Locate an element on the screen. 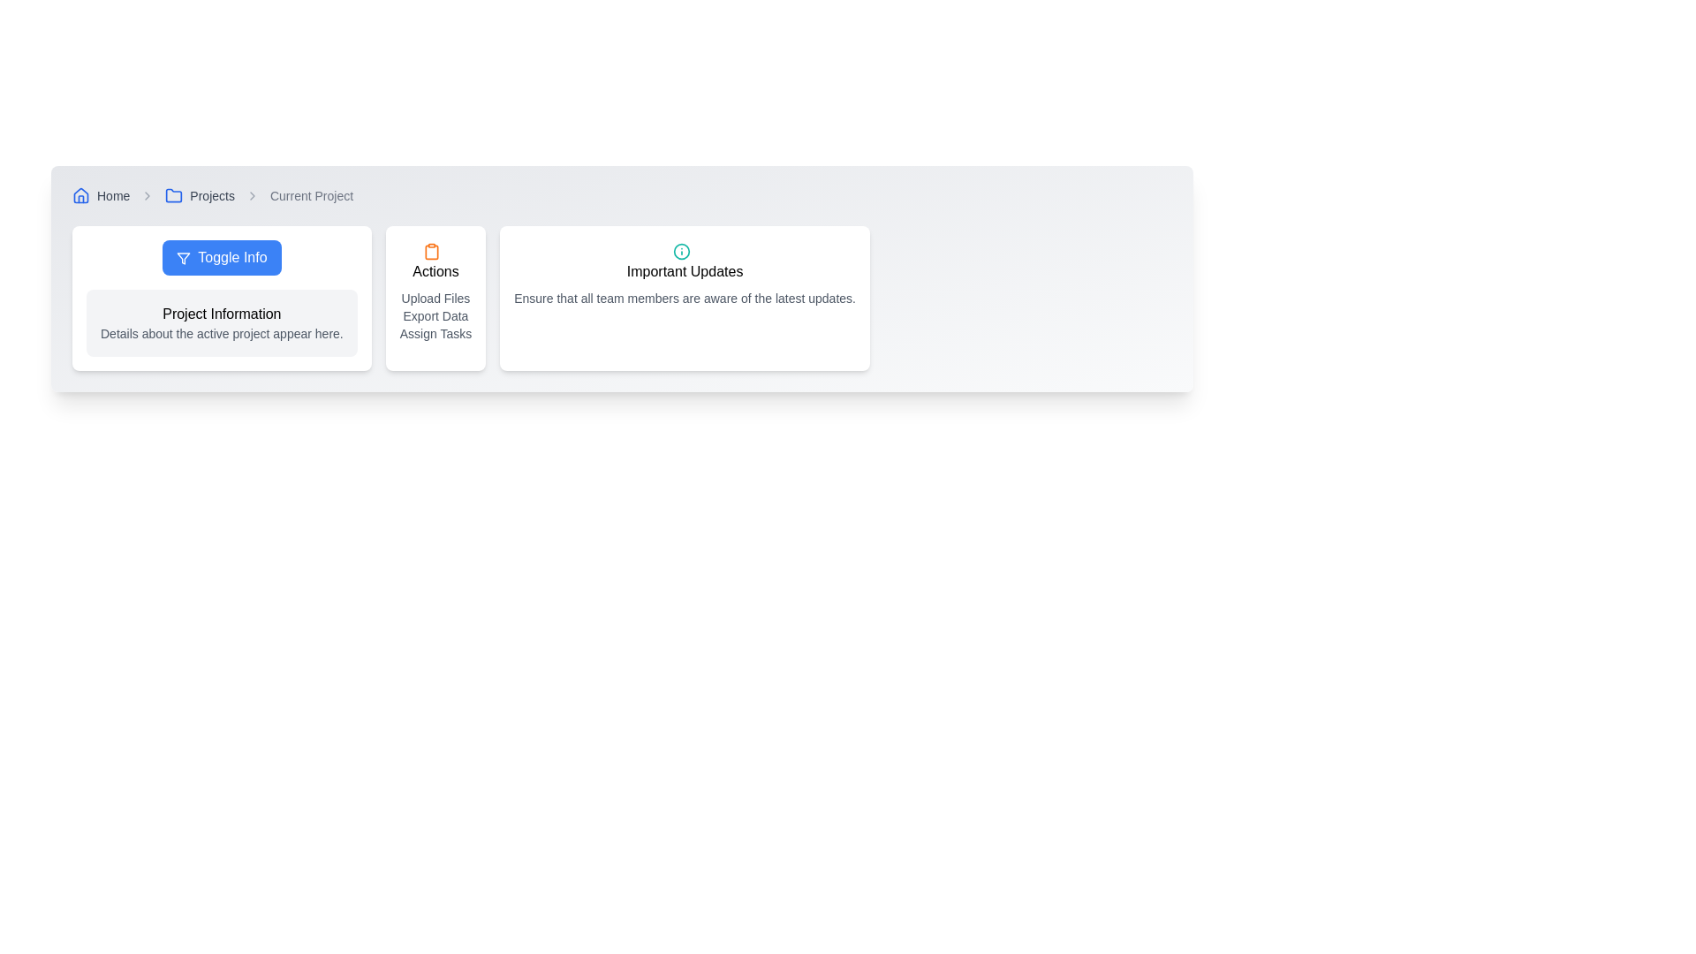  the static text label reading 'Export Data', which is styled in a smaller gray font and located centrally within the 'Actions' module, positioned between 'Upload Files' and 'Assign Tasks' is located at coordinates (435, 315).